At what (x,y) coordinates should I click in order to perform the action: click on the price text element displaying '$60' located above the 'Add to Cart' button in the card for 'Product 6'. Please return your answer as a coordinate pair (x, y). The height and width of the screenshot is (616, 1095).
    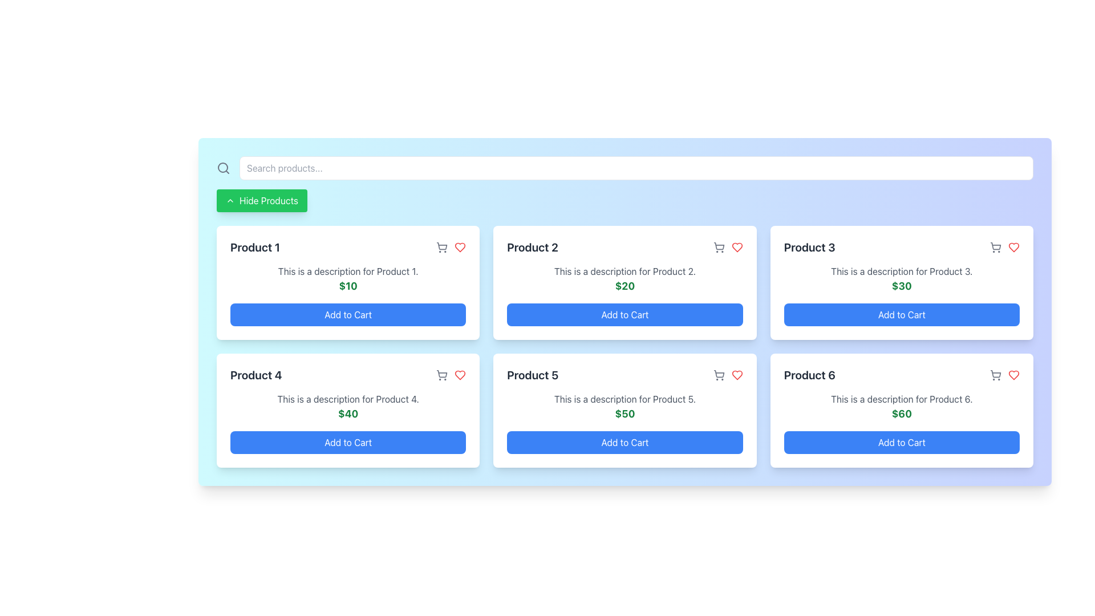
    Looking at the image, I should click on (901, 414).